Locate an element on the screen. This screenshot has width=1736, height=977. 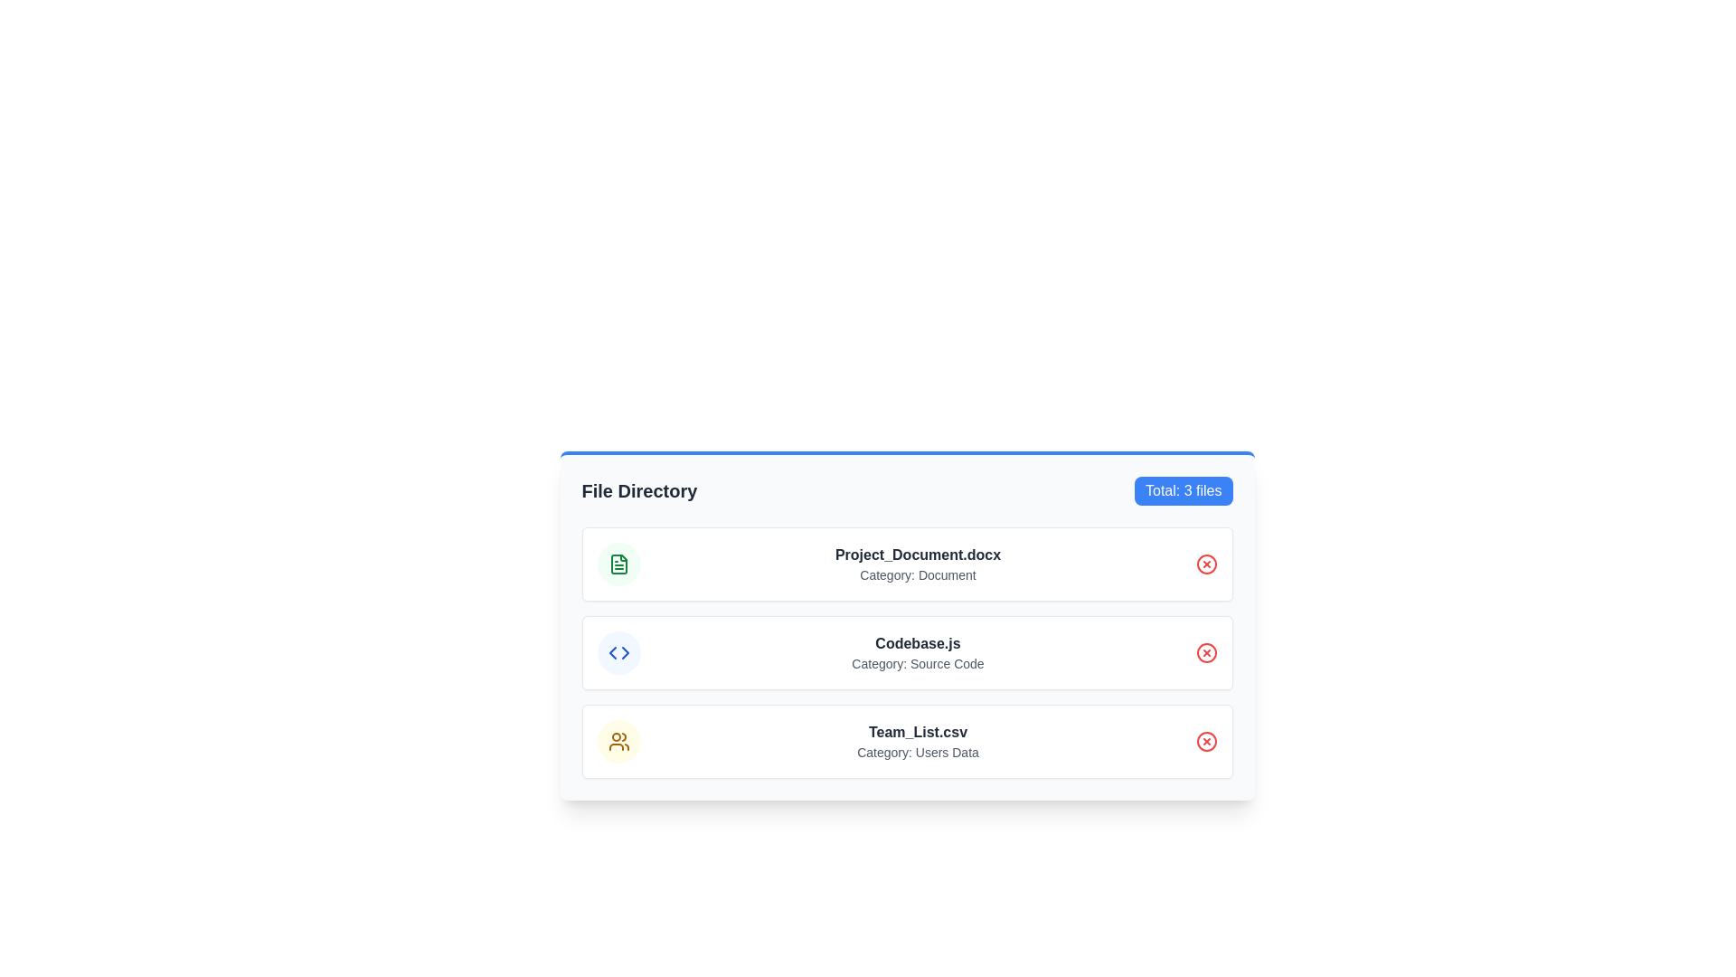
the circular icon with a faint yellow background and a darker yellow graphic depicting a group of people, which is located to the left of the text 'Team_List.csv' in the third item of a vertical list of file entries is located at coordinates (618, 742).